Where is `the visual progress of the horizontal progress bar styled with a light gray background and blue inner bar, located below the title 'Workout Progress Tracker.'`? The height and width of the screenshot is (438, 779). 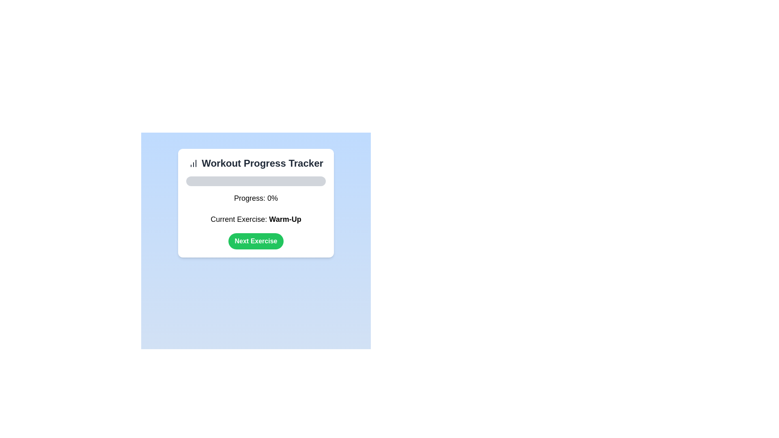 the visual progress of the horizontal progress bar styled with a light gray background and blue inner bar, located below the title 'Workout Progress Tracker.' is located at coordinates (255, 181).